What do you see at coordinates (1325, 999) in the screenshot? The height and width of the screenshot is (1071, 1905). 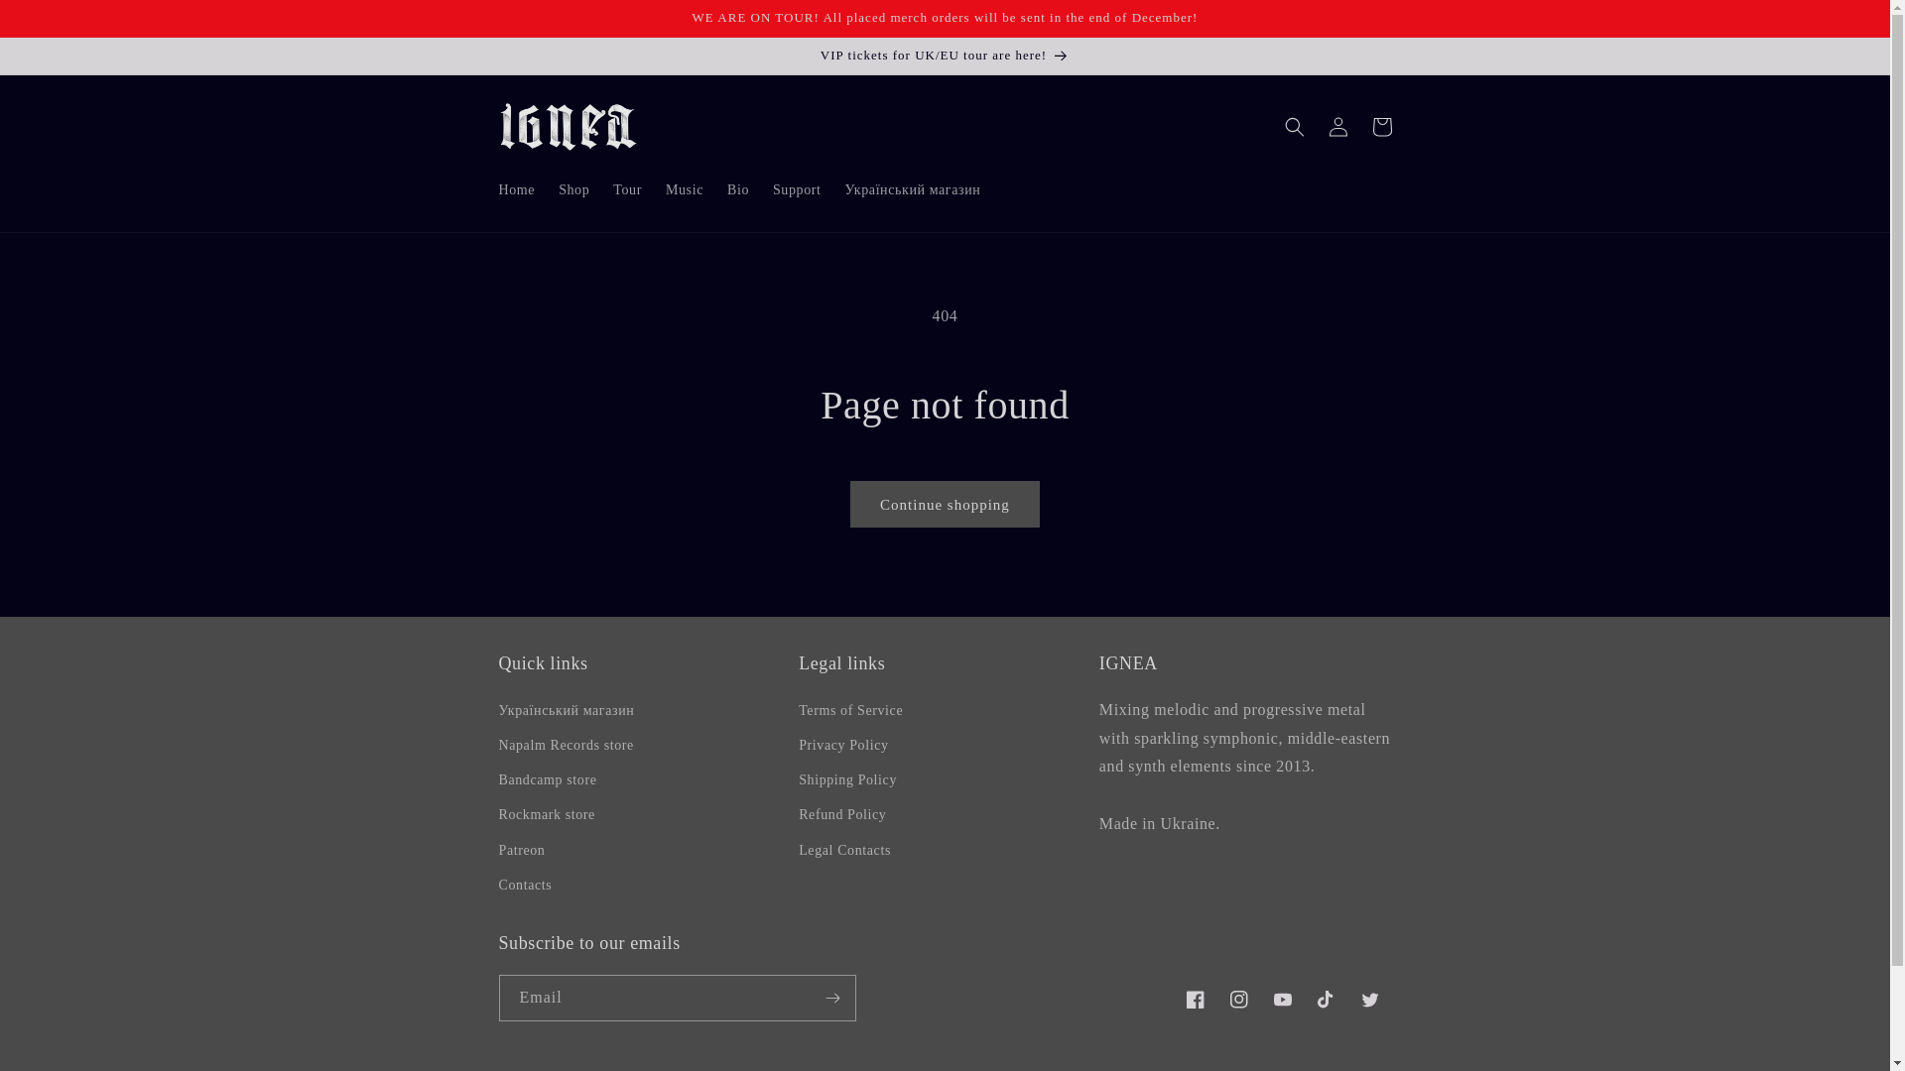 I see `'TikTok'` at bounding box center [1325, 999].